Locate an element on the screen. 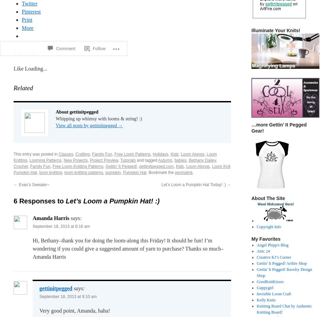 The width and height of the screenshot is (333, 317). 'Illuminate Your Knits!' is located at coordinates (276, 30).